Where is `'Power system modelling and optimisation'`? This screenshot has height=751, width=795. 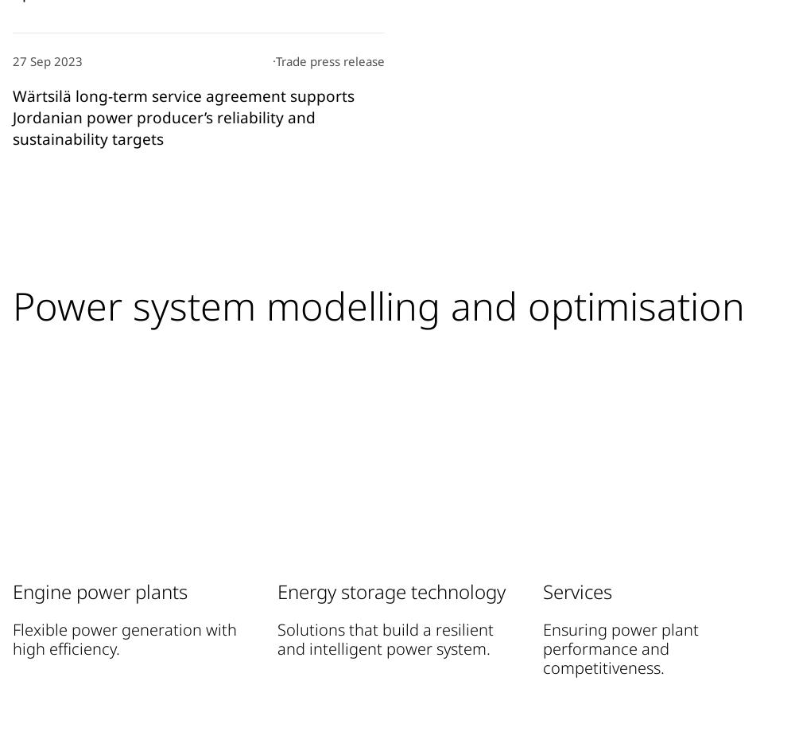 'Power system modelling and optimisation' is located at coordinates (378, 305).